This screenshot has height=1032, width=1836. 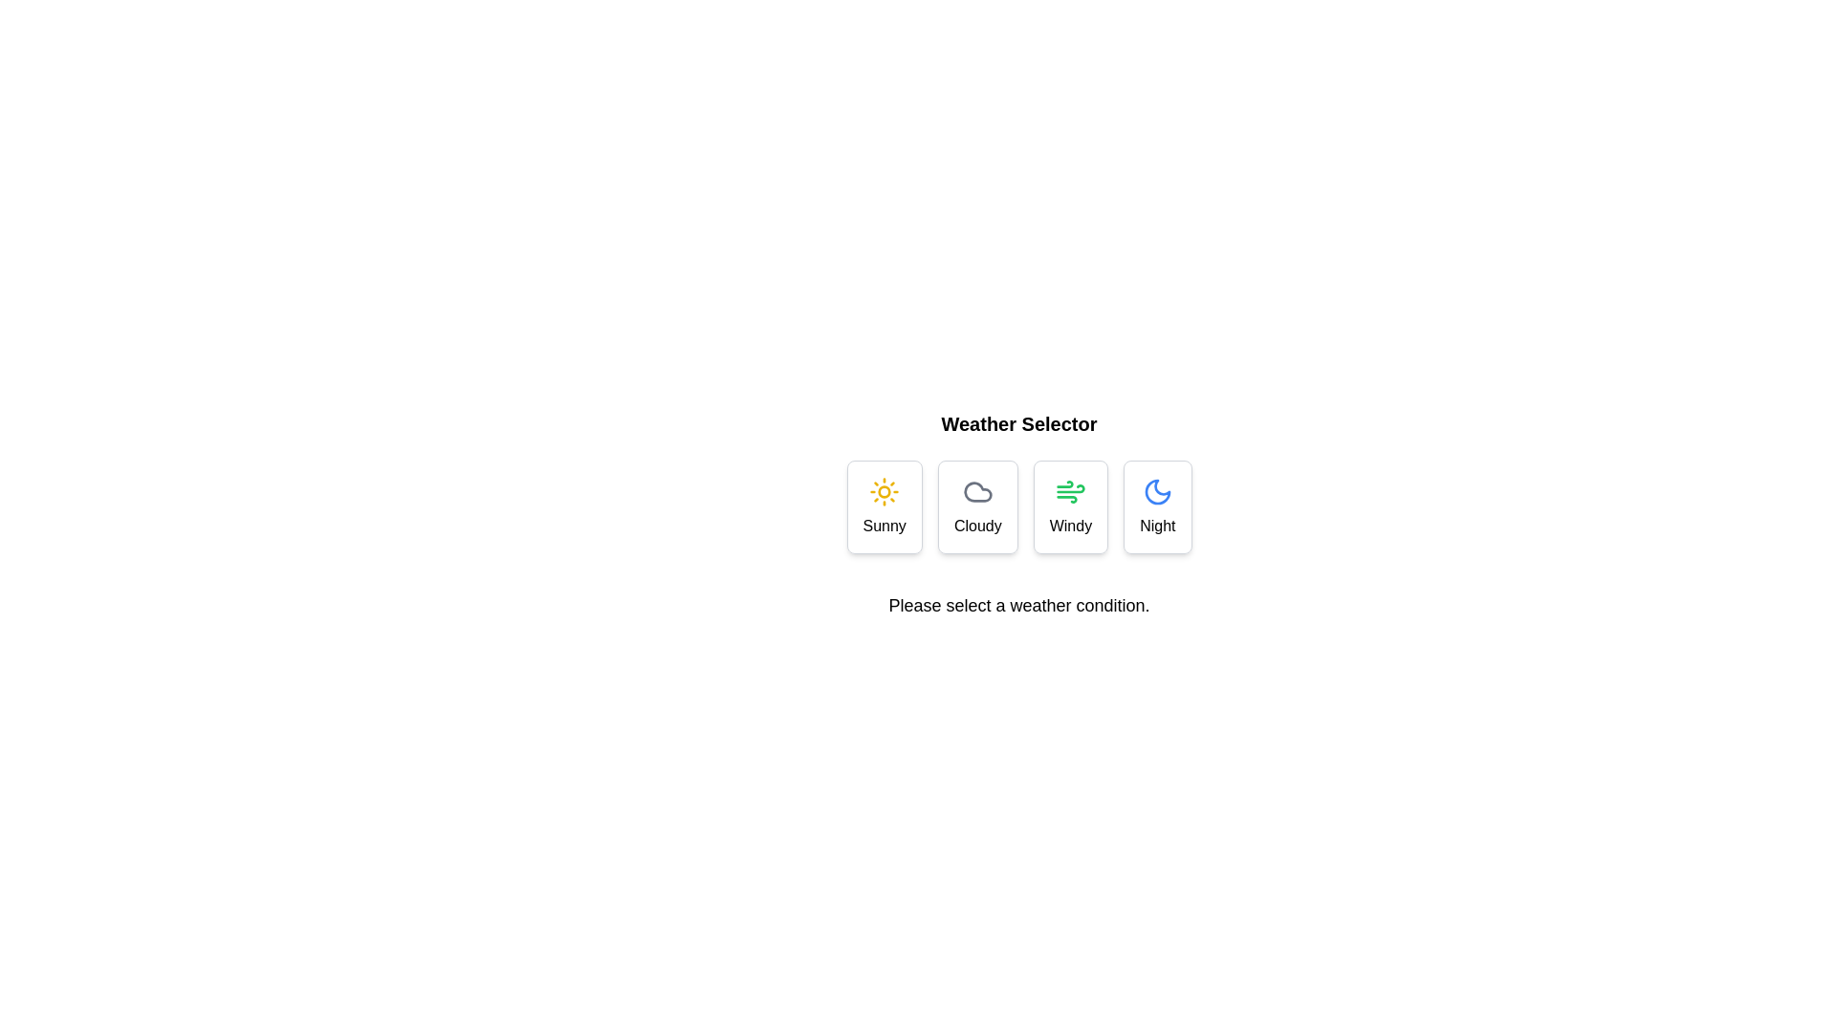 I want to click on the rectangular button with rounded corners that contains a crescent moon icon and the text 'Night' in black, so click(x=1156, y=506).